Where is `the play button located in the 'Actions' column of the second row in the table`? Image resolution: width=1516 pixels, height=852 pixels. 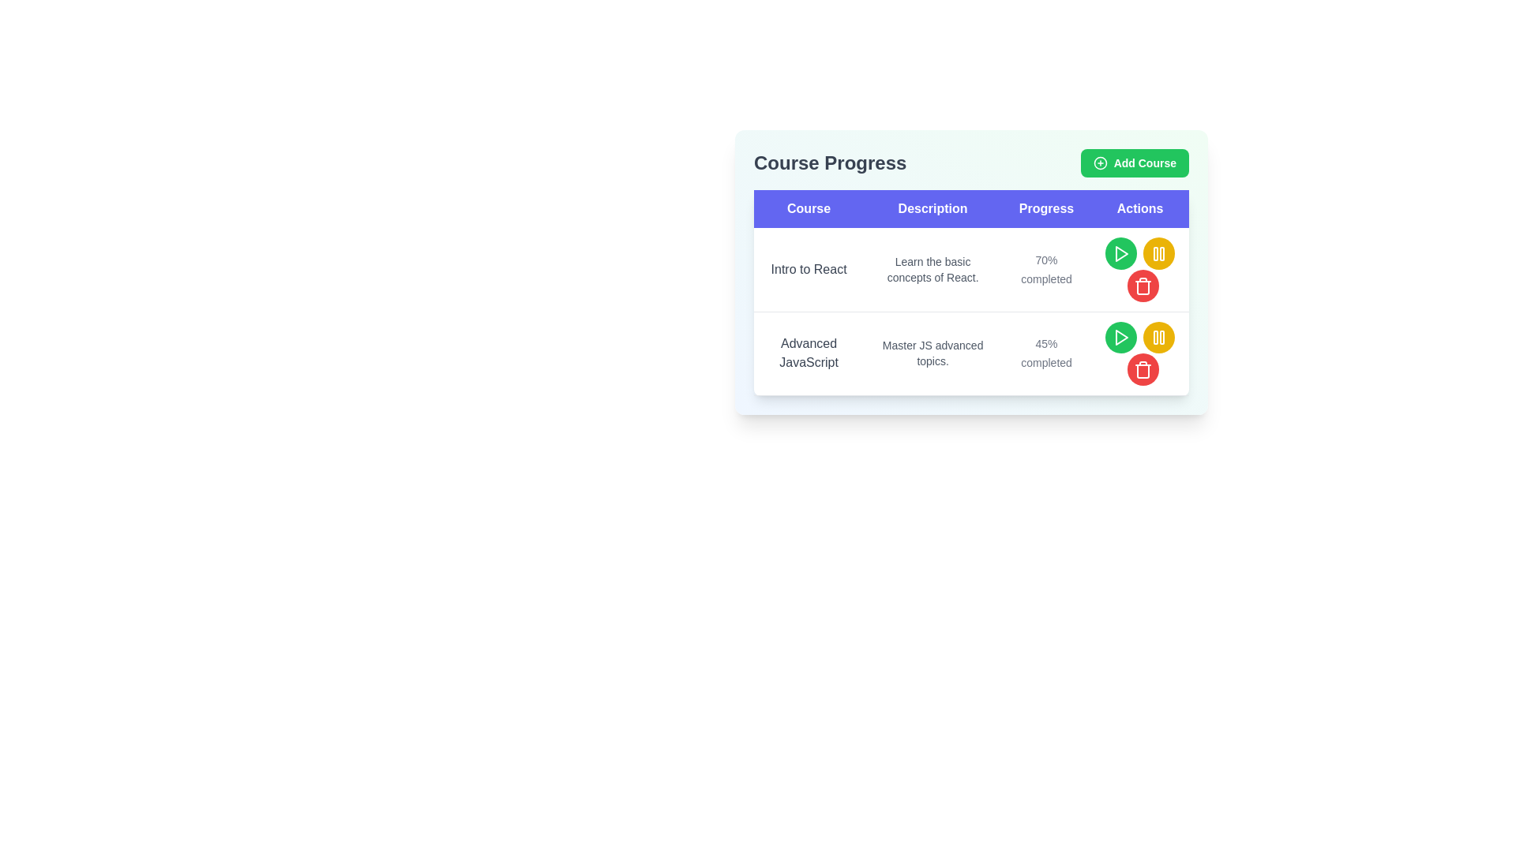
the play button located in the 'Actions' column of the second row in the table is located at coordinates (1120, 337).